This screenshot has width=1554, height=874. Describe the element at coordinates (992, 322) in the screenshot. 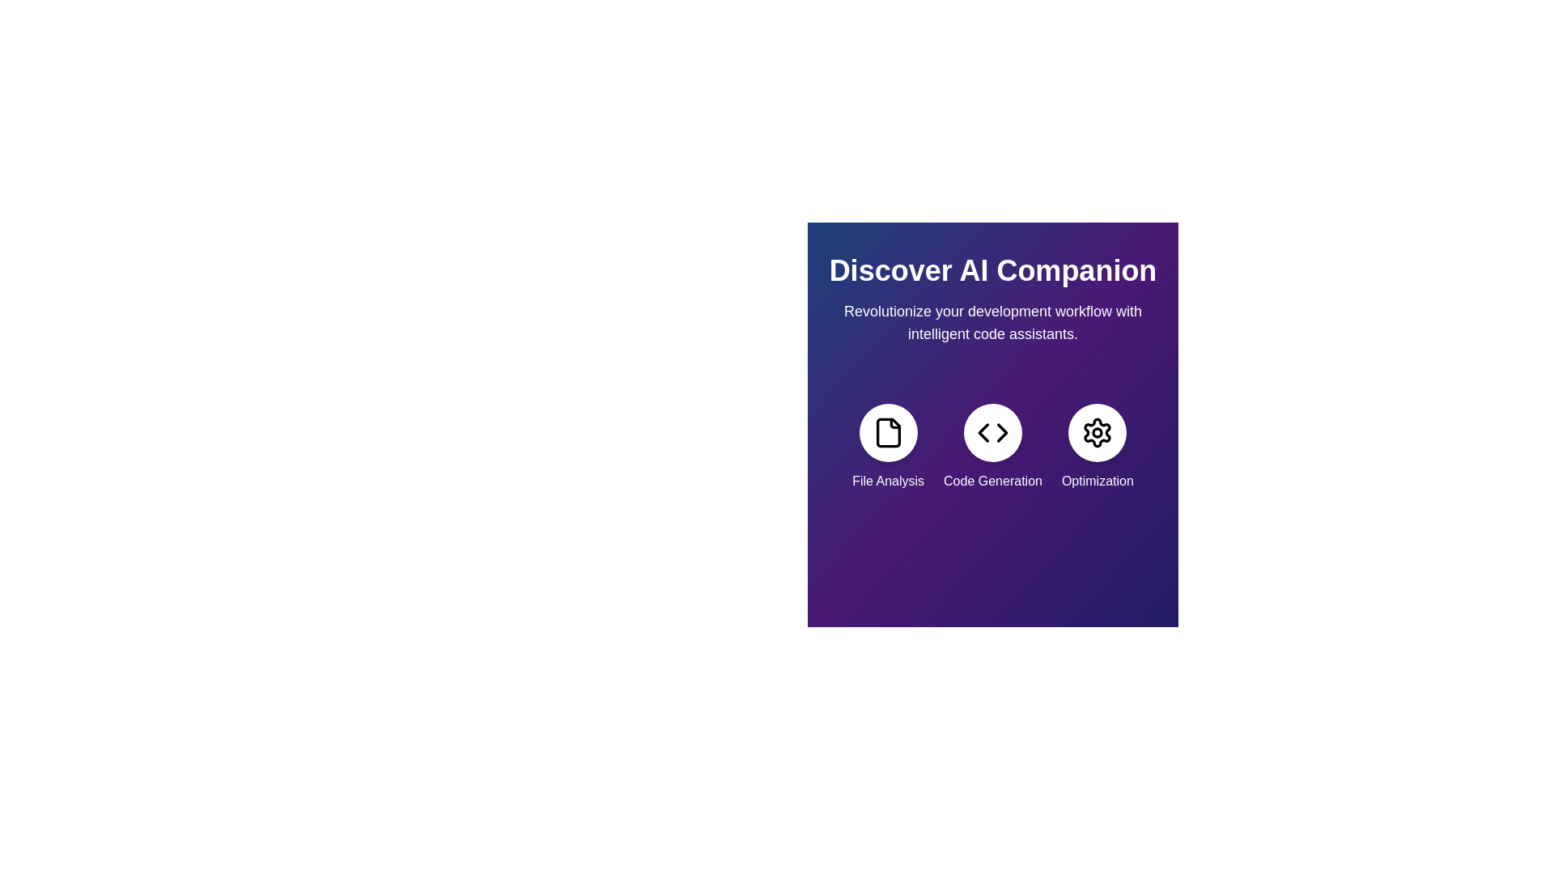

I see `the text label that reads 'Revolutionize your development workflow with intelligent code assistants.', which is styled in a larger font and centrally aligned in white against a gradient background` at that location.